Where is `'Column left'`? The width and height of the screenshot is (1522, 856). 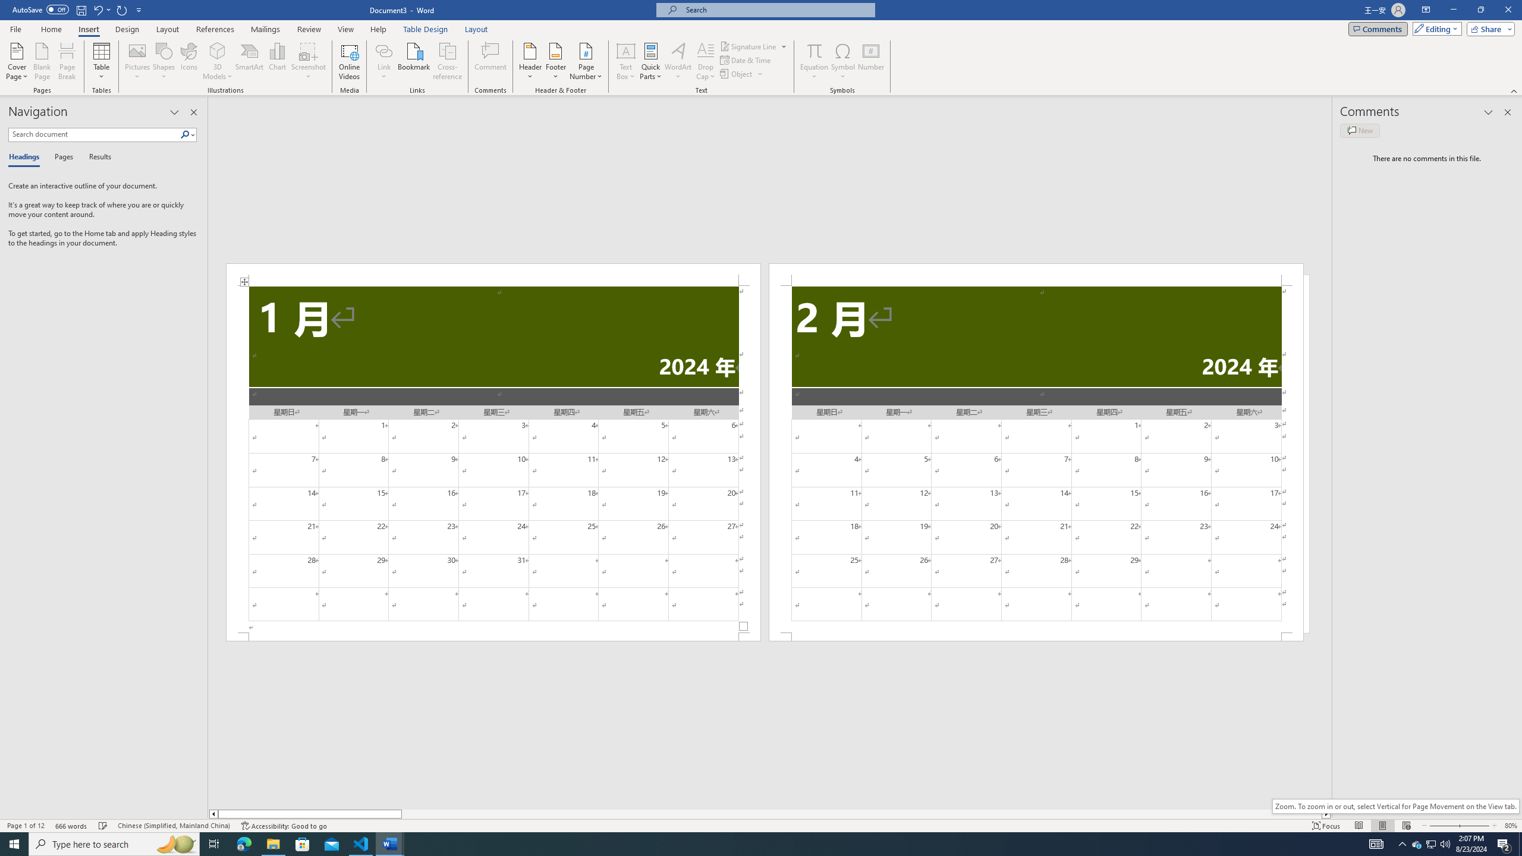 'Column left' is located at coordinates (213, 813).